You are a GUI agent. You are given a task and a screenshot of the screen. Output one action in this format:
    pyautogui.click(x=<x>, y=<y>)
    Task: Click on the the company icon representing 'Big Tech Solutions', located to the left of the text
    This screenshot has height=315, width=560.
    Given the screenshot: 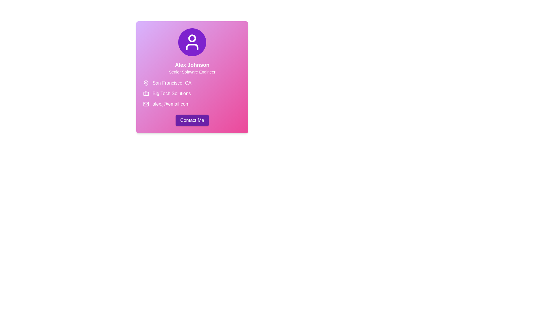 What is the action you would take?
    pyautogui.click(x=146, y=93)
    